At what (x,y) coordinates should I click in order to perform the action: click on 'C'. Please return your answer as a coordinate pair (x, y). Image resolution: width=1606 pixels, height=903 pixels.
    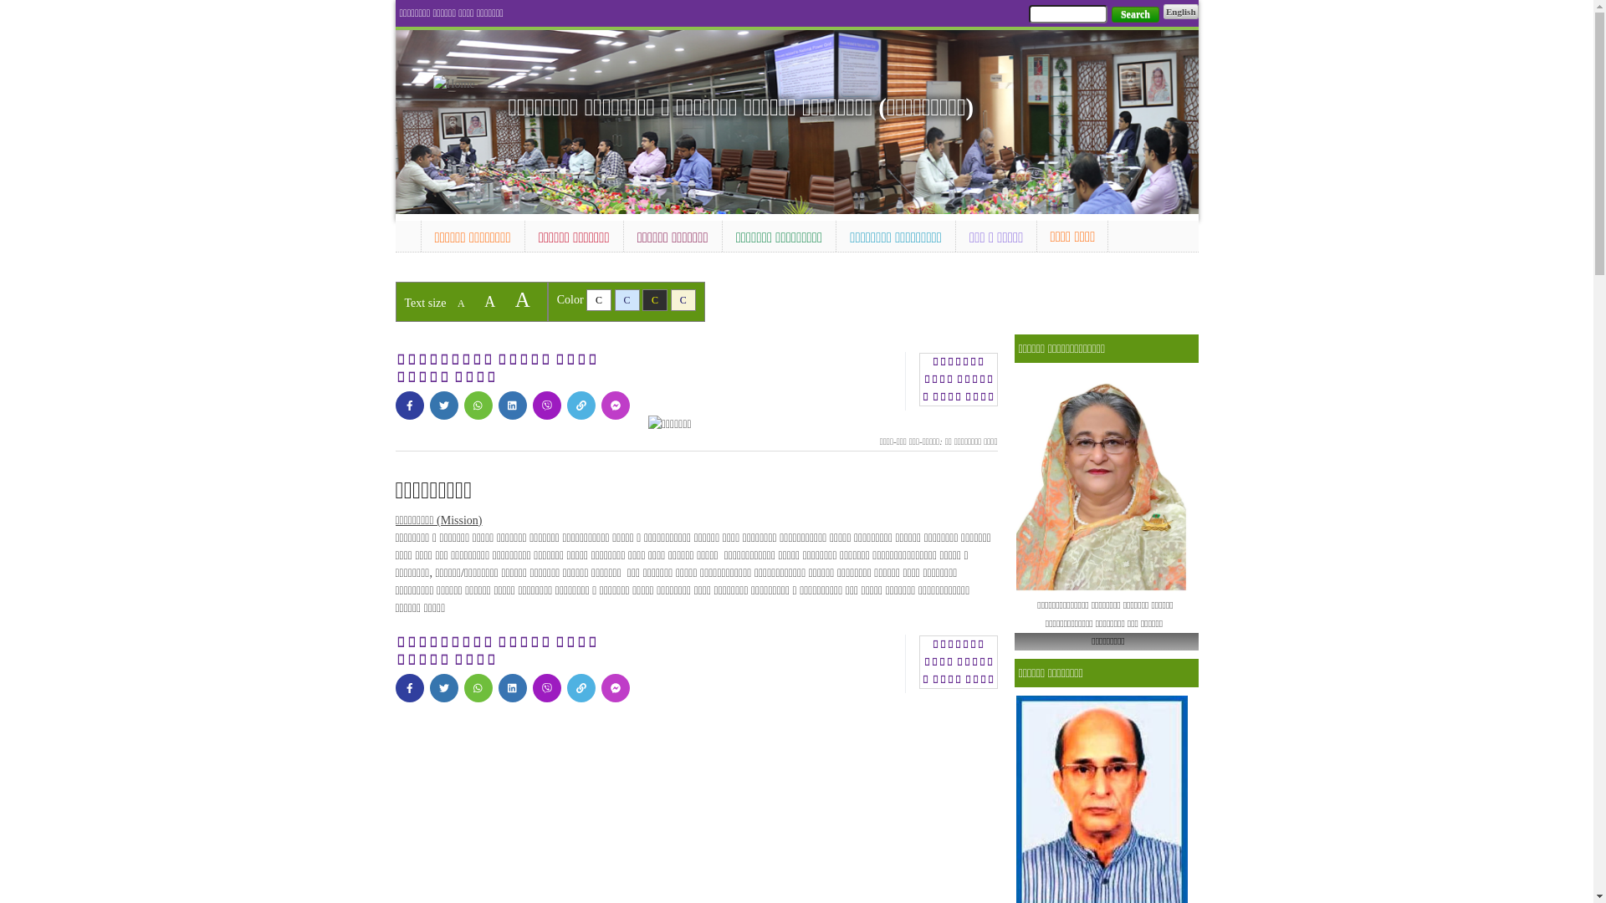
    Looking at the image, I should click on (683, 298).